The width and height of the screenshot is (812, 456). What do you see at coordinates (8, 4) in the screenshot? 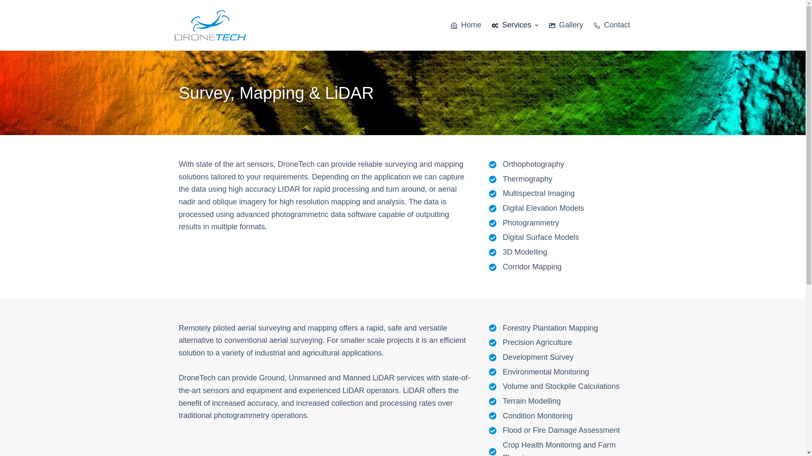
I see `'Skip to content'` at bounding box center [8, 4].